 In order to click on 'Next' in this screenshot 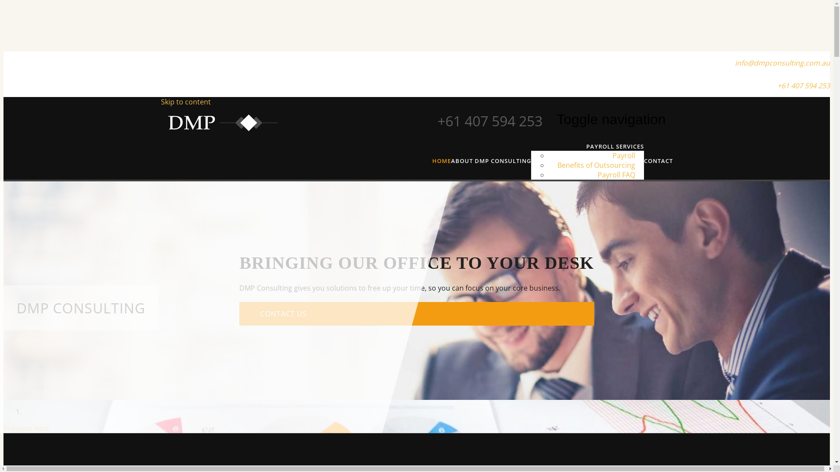, I will do `click(41, 427)`.